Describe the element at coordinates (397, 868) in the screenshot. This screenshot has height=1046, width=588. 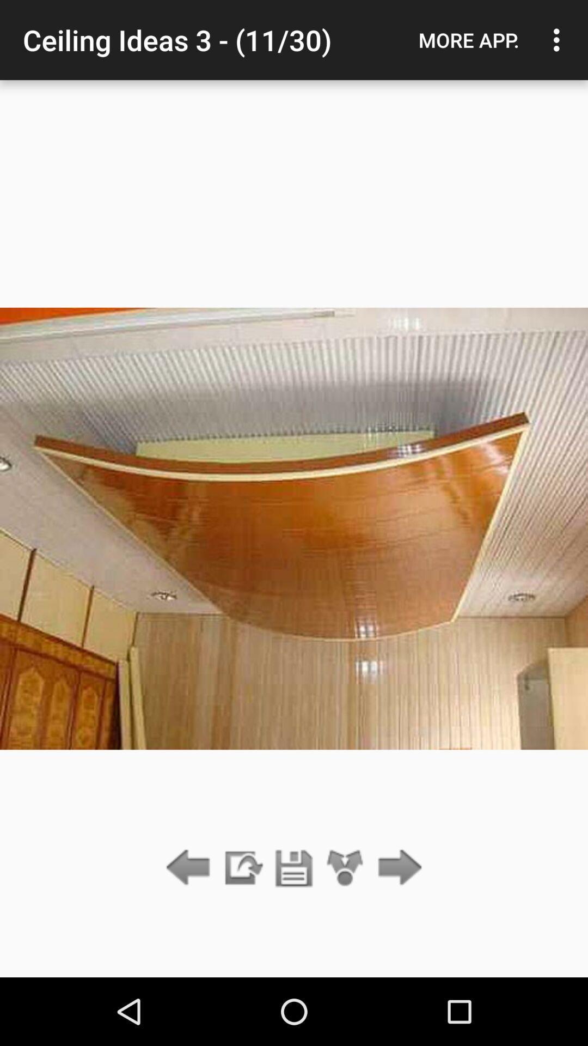
I see `next idea` at that location.